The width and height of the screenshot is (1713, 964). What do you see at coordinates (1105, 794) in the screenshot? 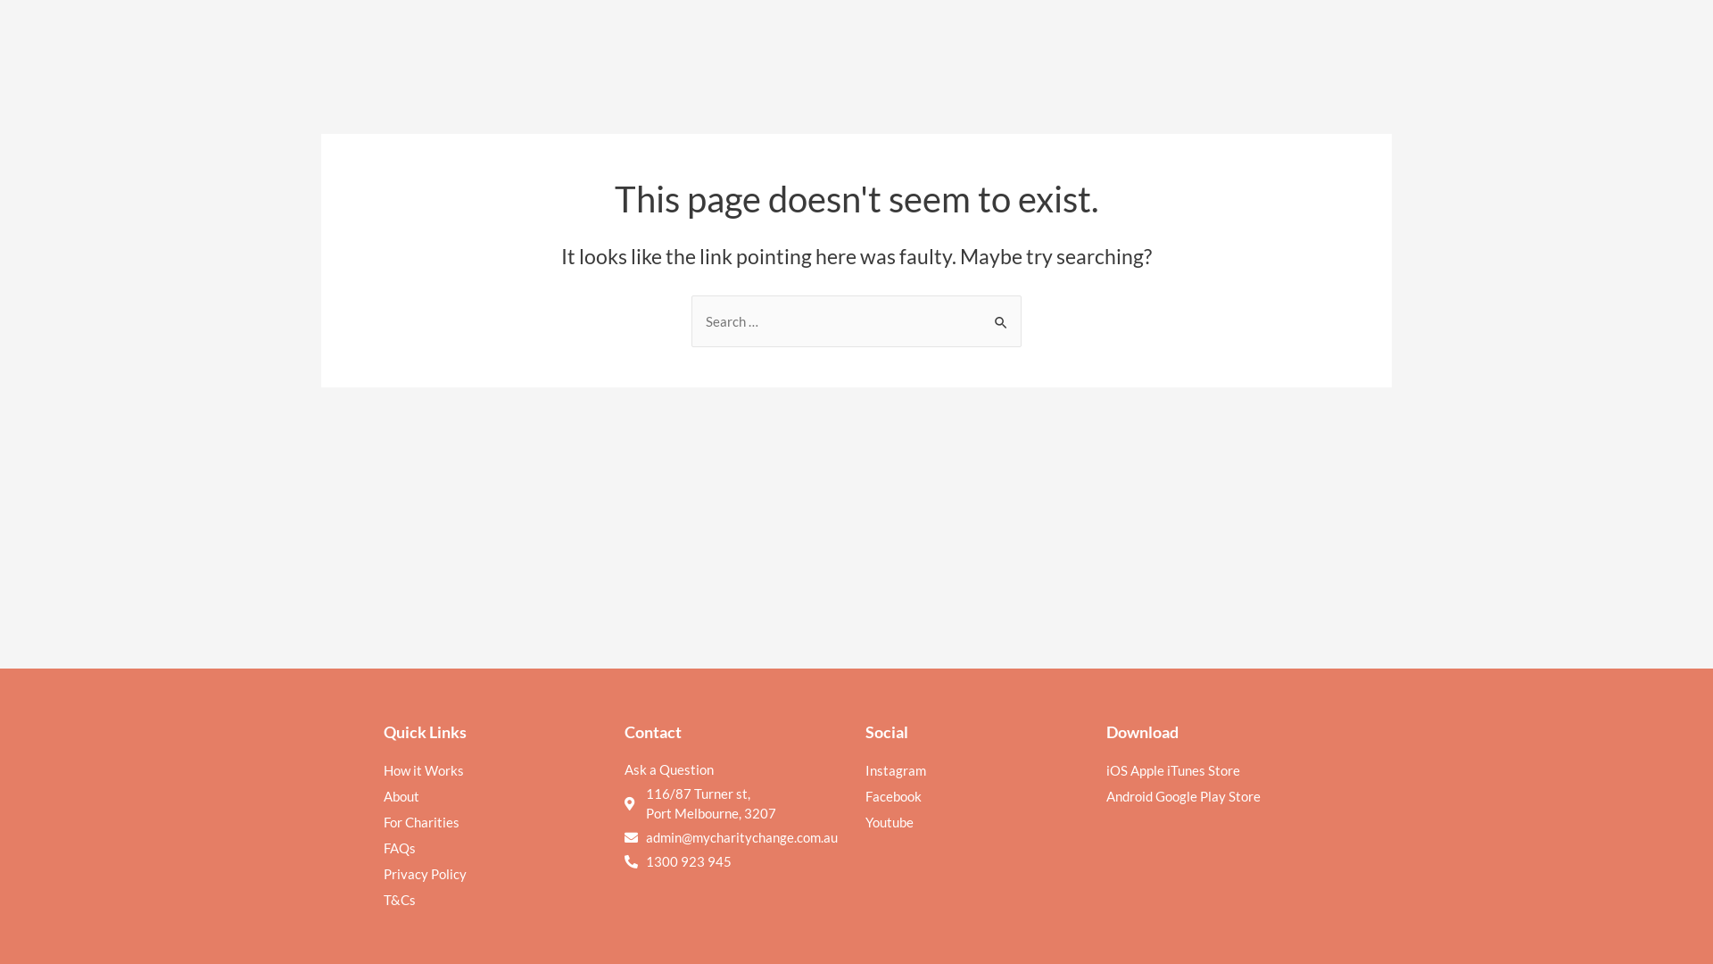
I see `'Android Google Play Store'` at bounding box center [1105, 794].